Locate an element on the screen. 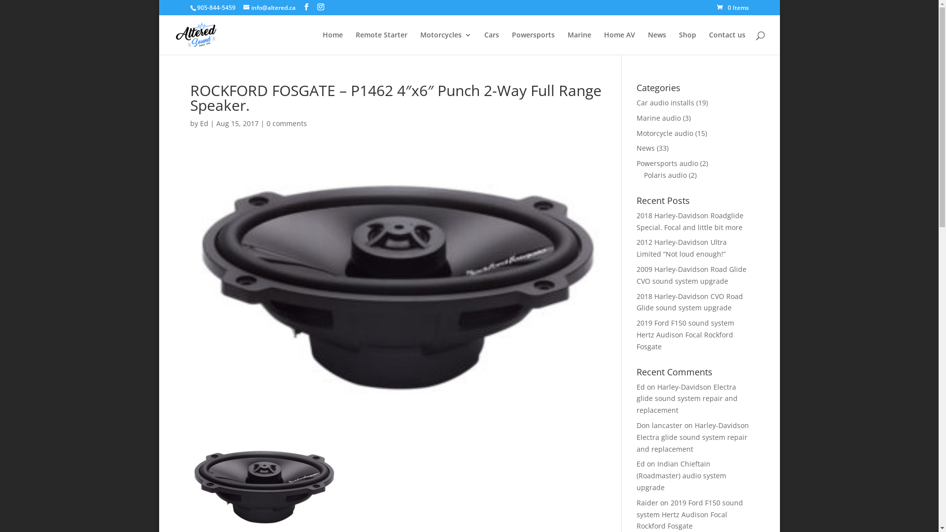  'Home AV' is located at coordinates (619, 42).